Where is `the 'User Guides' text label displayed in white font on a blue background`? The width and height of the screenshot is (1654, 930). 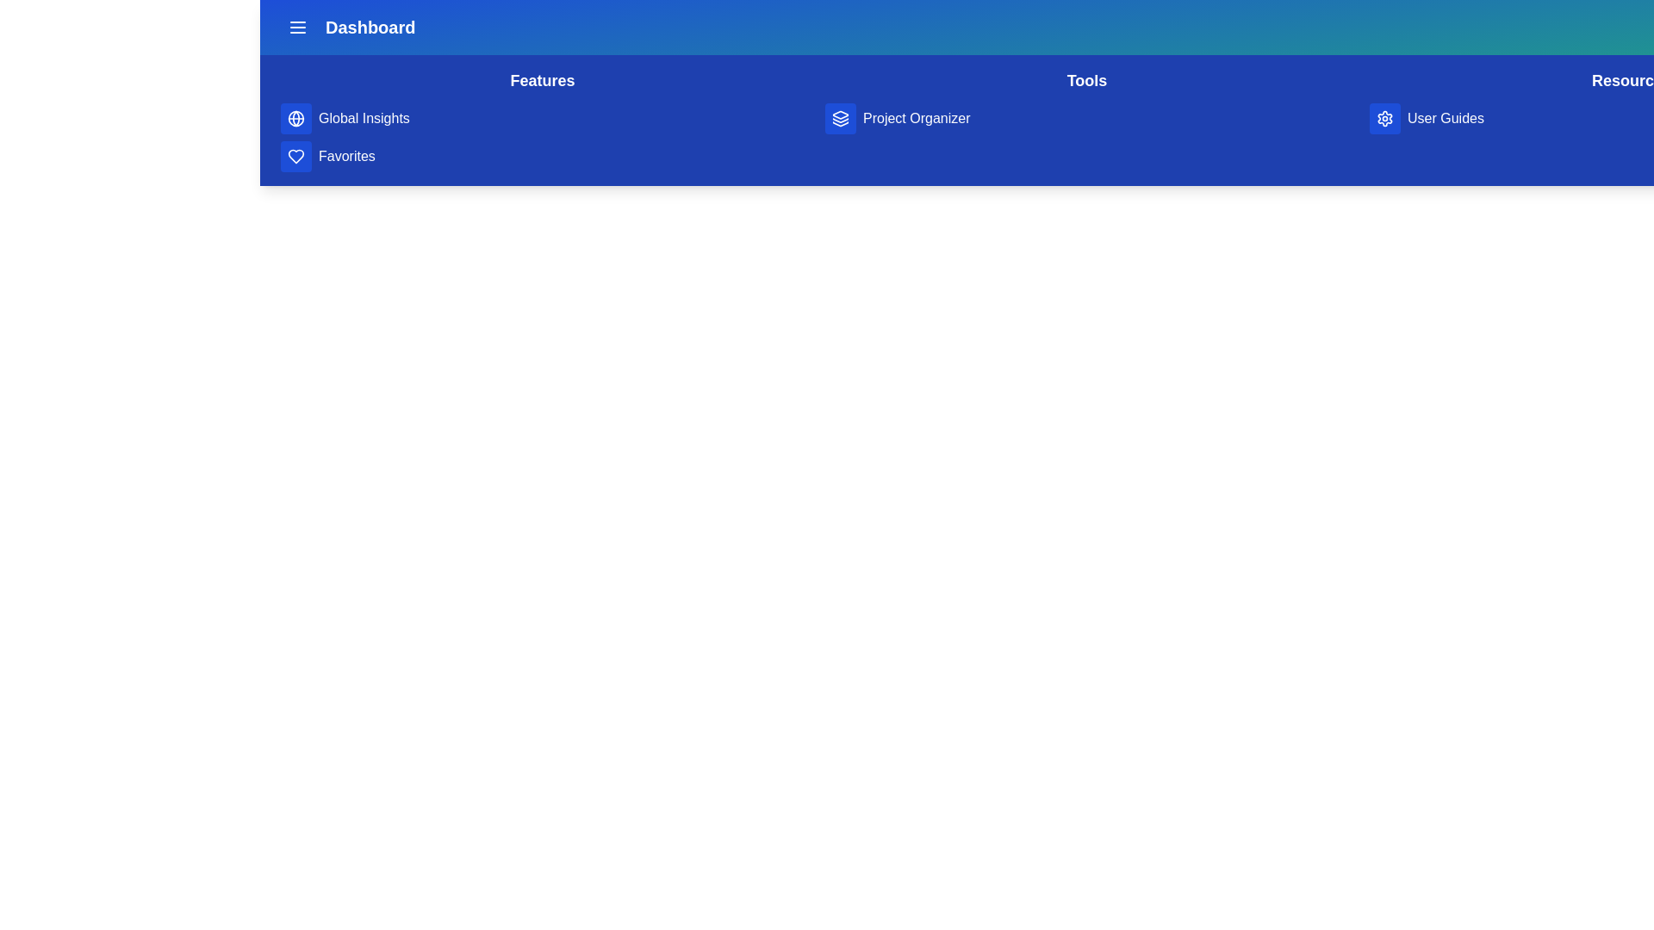 the 'User Guides' text label displayed in white font on a blue background is located at coordinates (1446, 118).